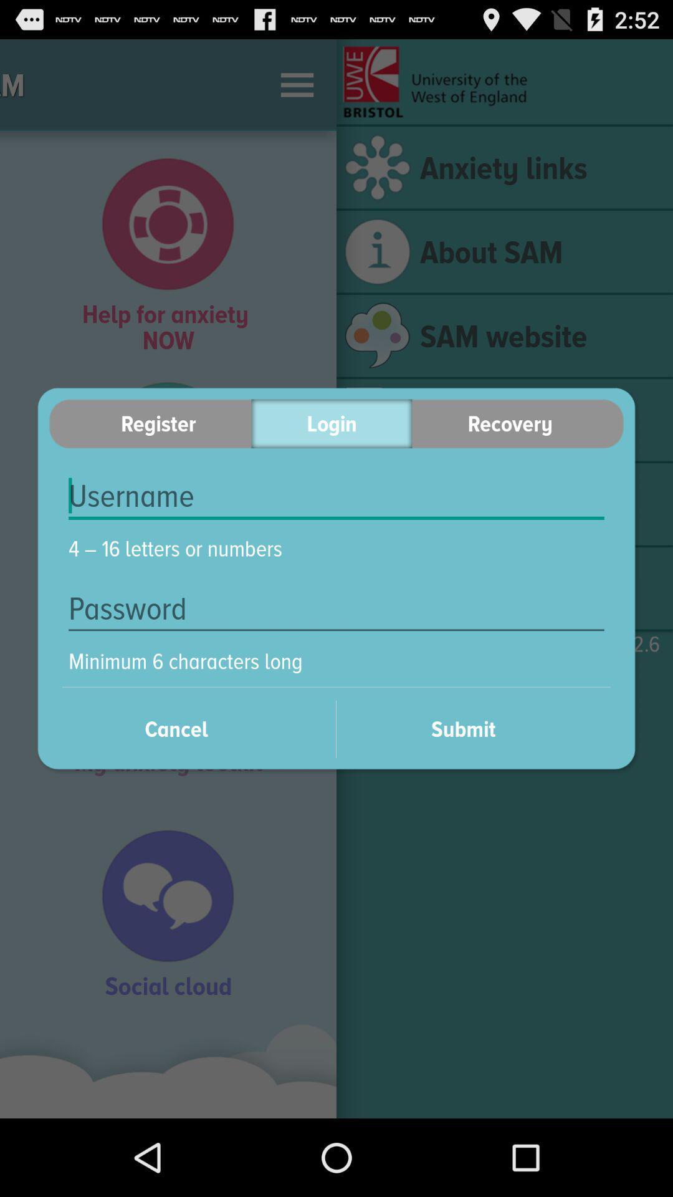 The width and height of the screenshot is (673, 1197). I want to click on recovery, so click(518, 423).